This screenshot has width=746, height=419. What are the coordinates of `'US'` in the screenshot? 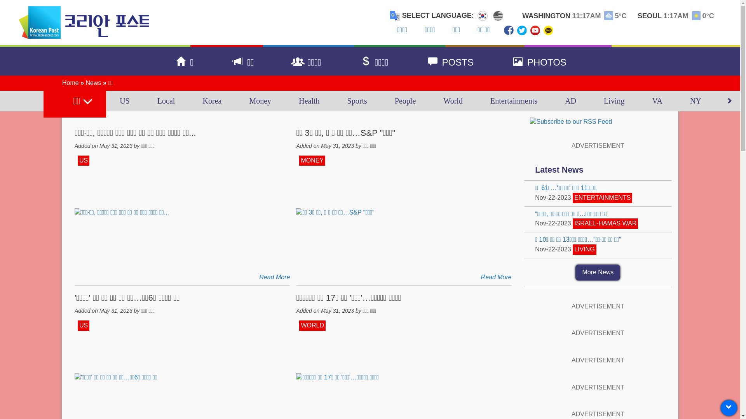 It's located at (125, 101).